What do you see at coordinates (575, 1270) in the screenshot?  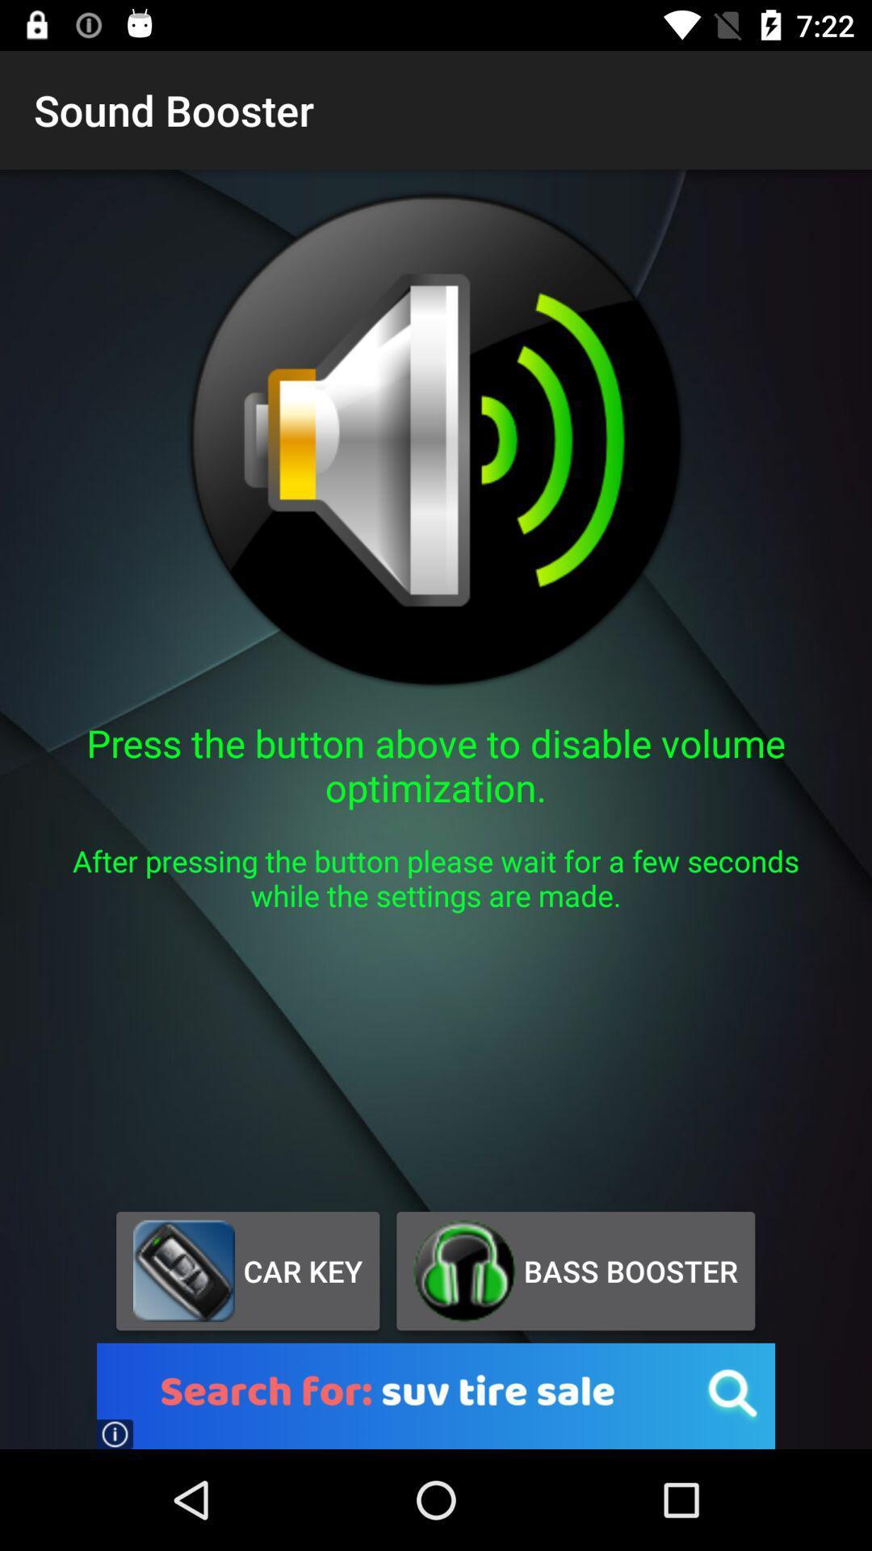 I see `the bass booster button` at bounding box center [575, 1270].